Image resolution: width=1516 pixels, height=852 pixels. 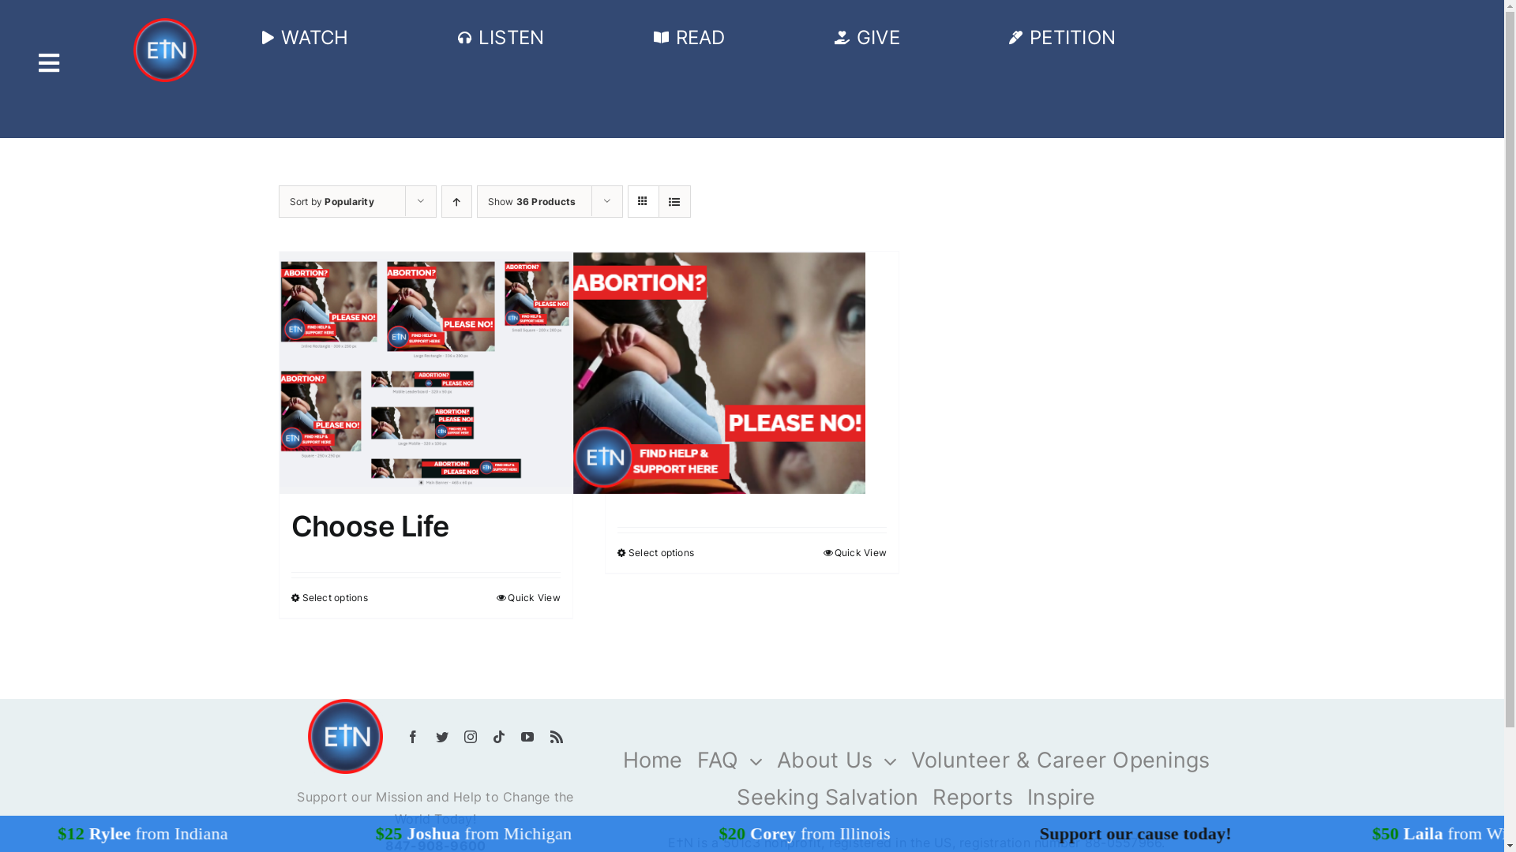 I want to click on 'Sort by Popularity', so click(x=330, y=200).